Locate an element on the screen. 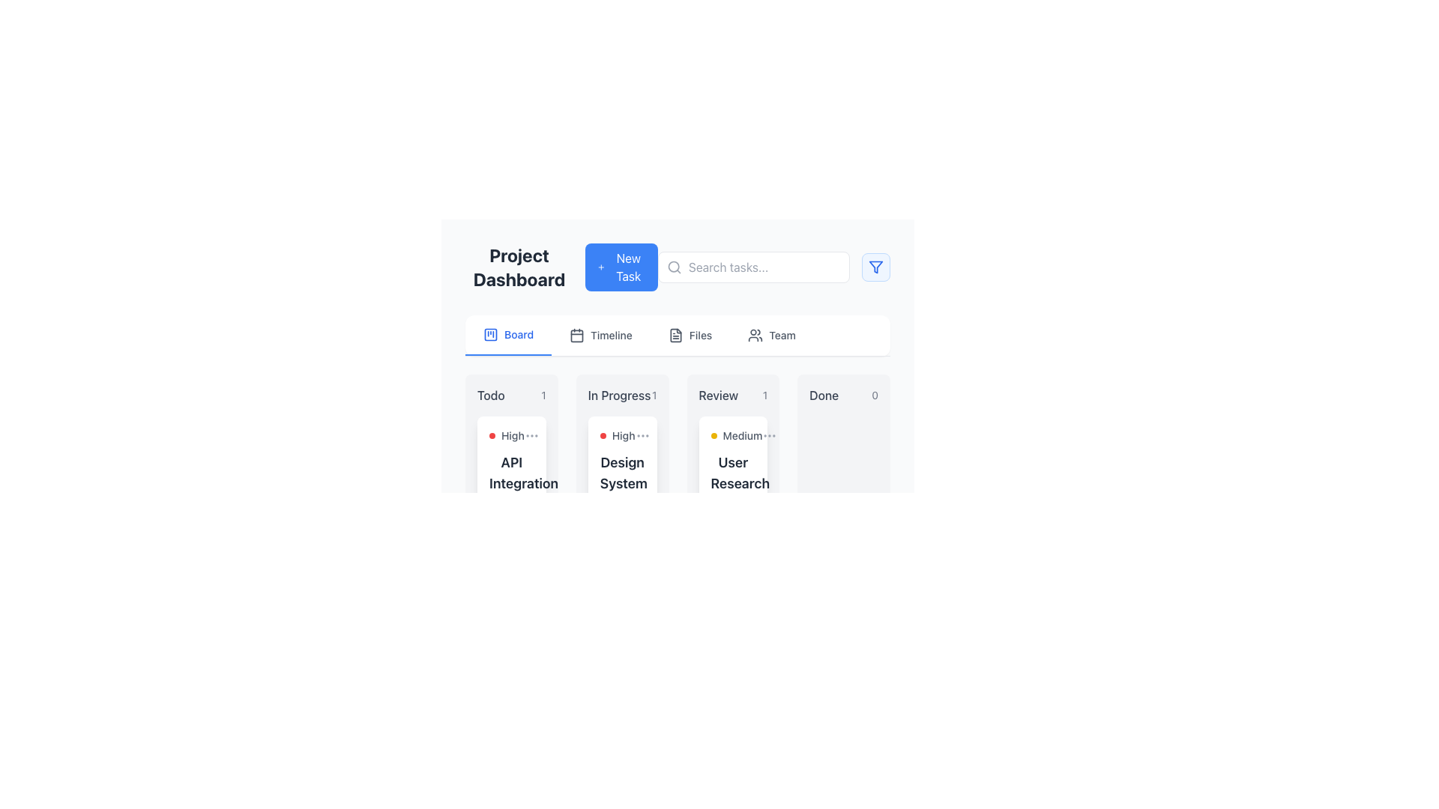  the label displaying the count of items in the 'Done' column, which is located at the top of the 'Done' column in a task management interface, visually aligned to the right of the 'Done' title is located at coordinates (875, 395).